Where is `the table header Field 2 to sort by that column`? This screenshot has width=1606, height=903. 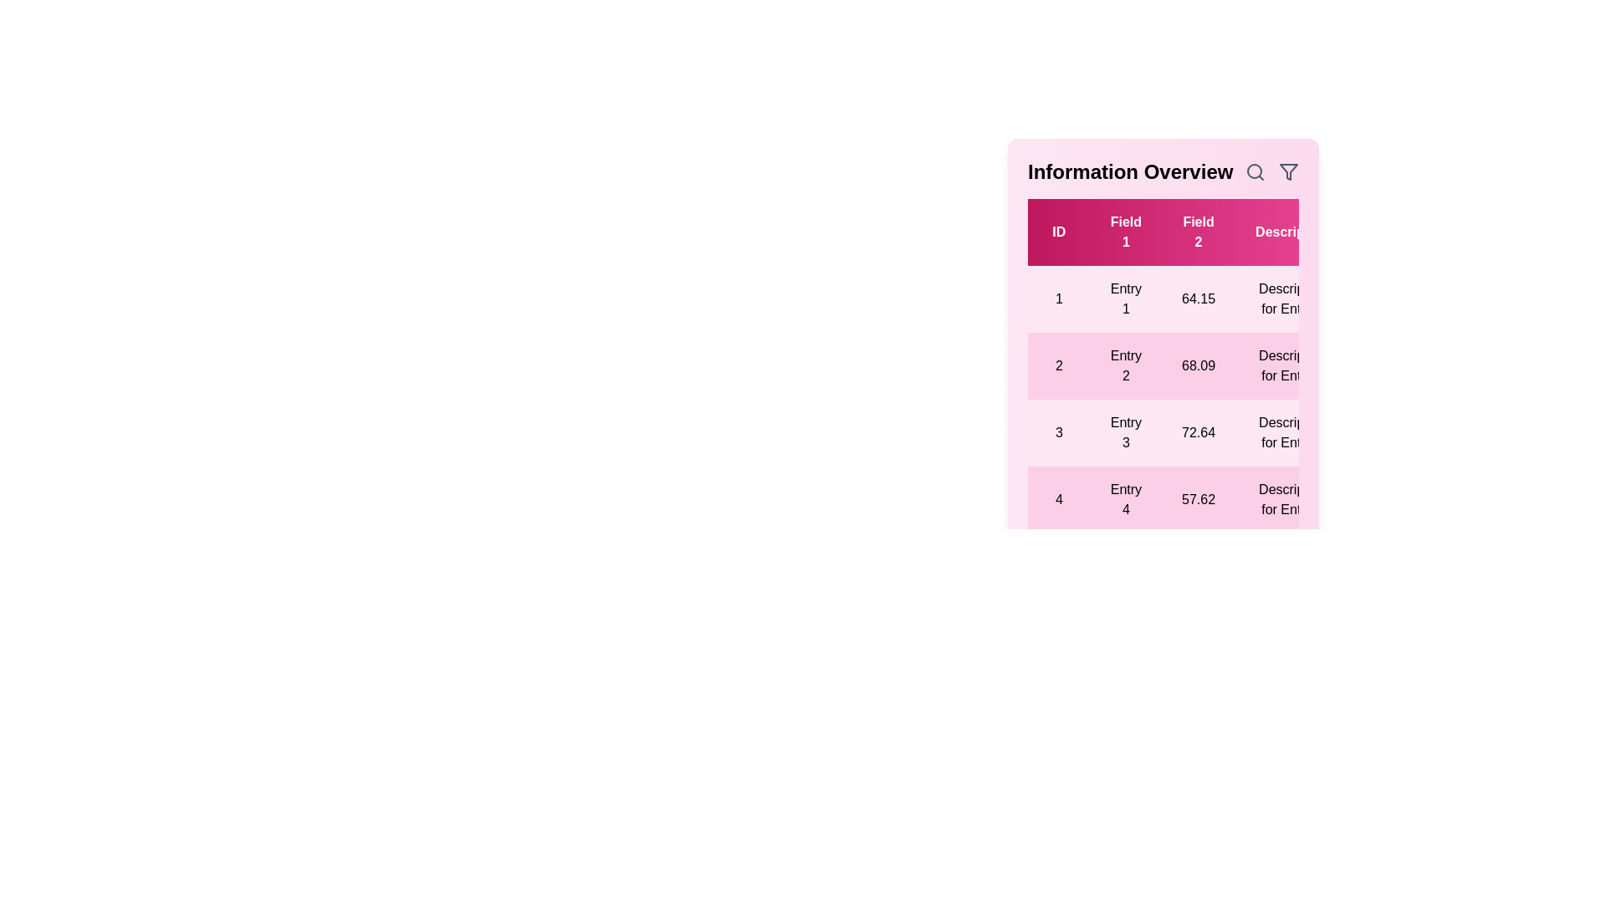 the table header Field 2 to sort by that column is located at coordinates (1198, 232).